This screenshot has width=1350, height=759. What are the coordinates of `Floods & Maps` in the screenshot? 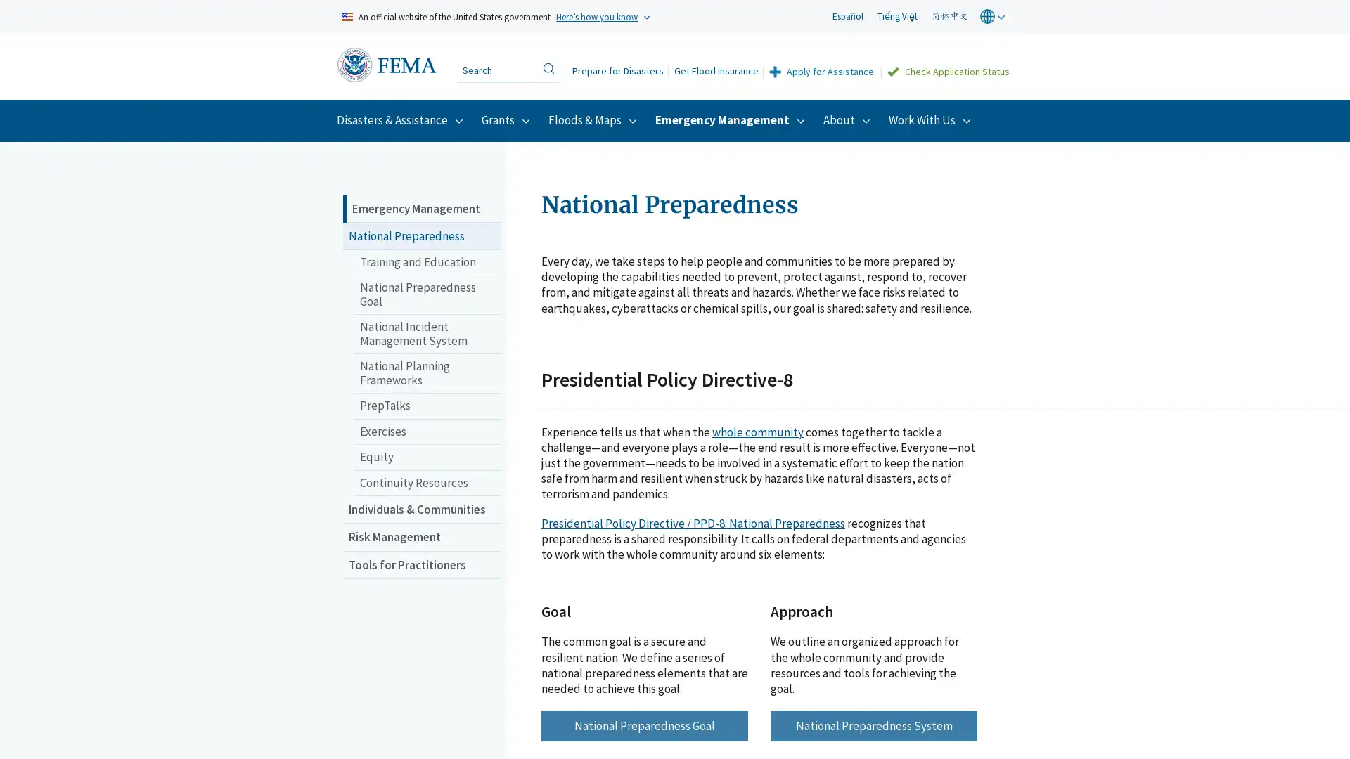 It's located at (594, 119).